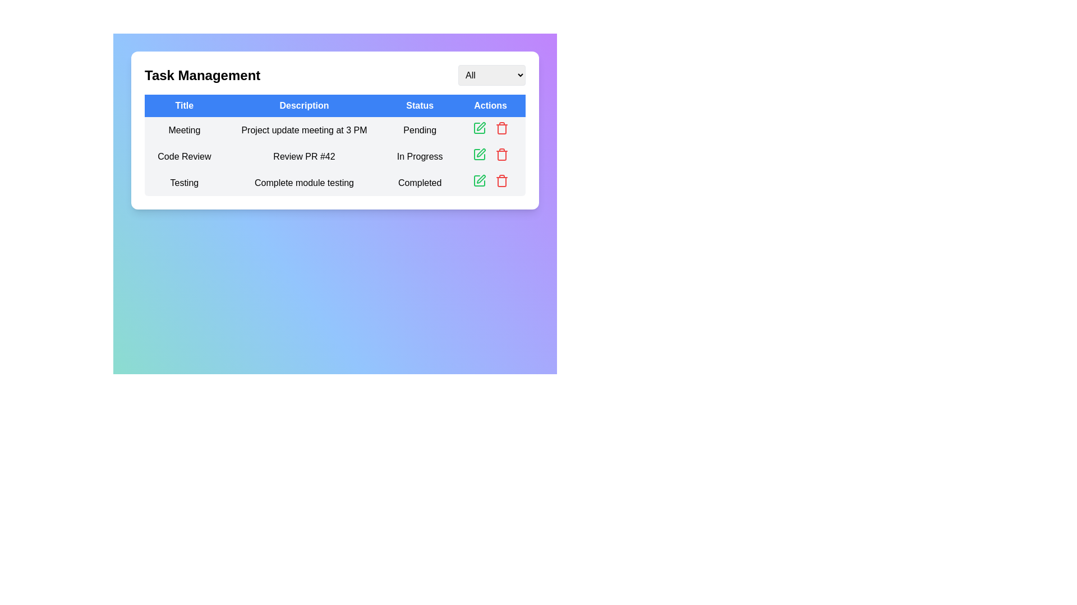  Describe the element at coordinates (500, 180) in the screenshot. I see `the delete button in the third row of the 'Actions' column within the table` at that location.